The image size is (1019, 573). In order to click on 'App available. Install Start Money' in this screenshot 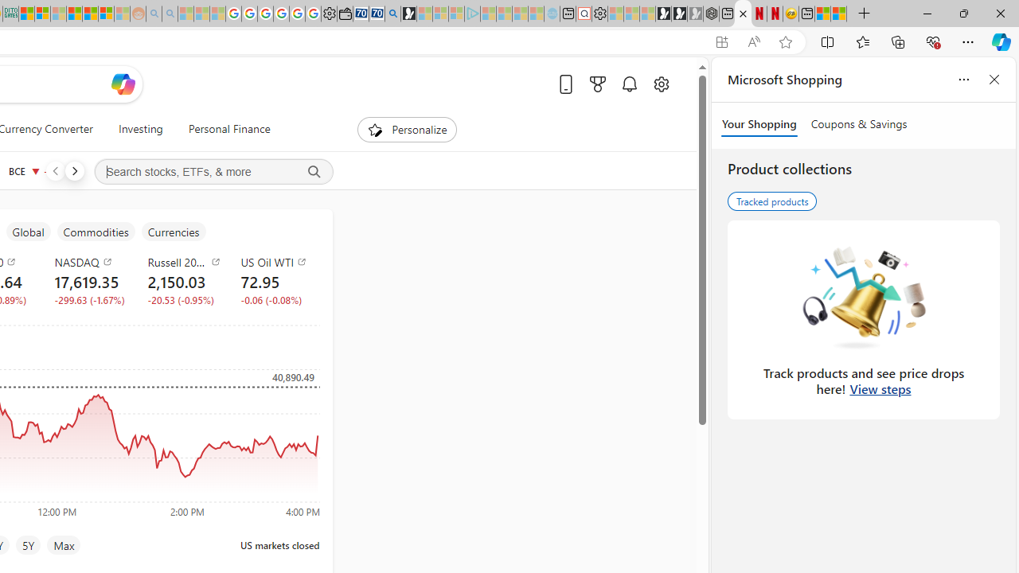, I will do `click(720, 41)`.